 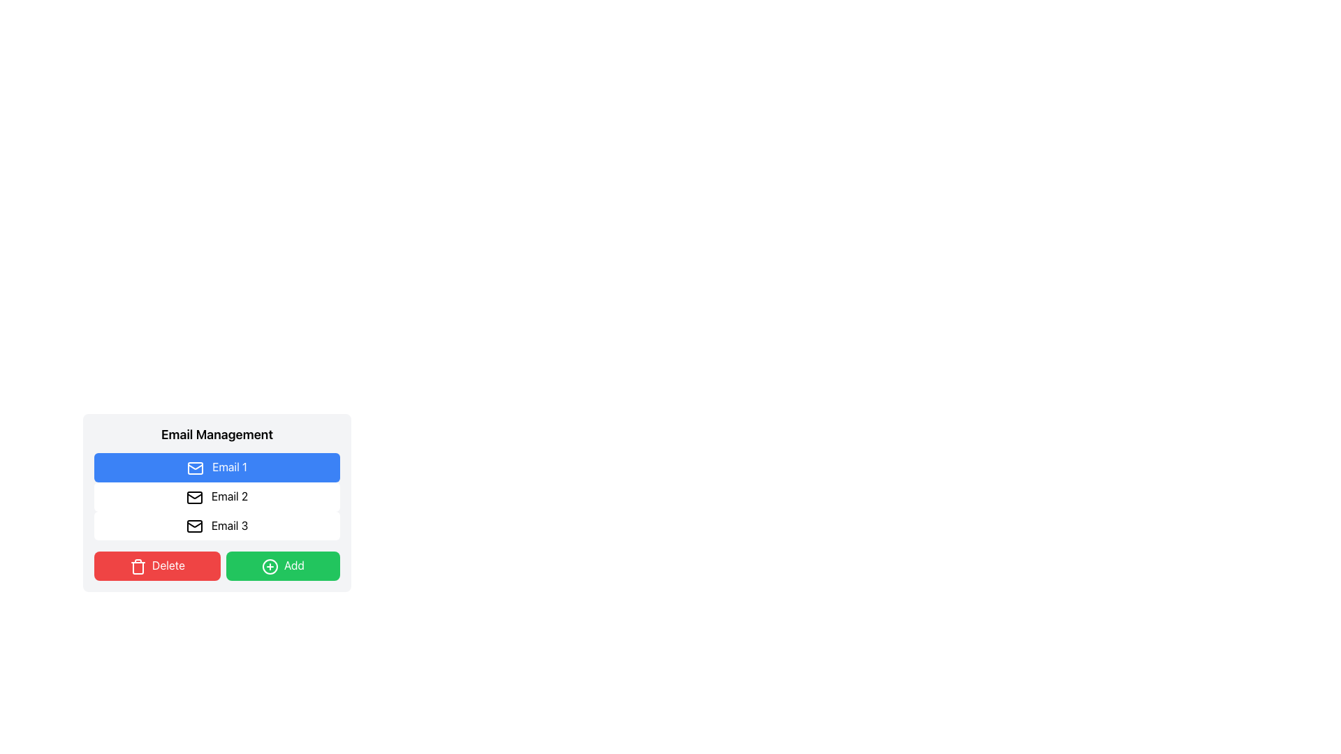 I want to click on the third email entry in the 'Email Management' panel, so click(x=217, y=525).